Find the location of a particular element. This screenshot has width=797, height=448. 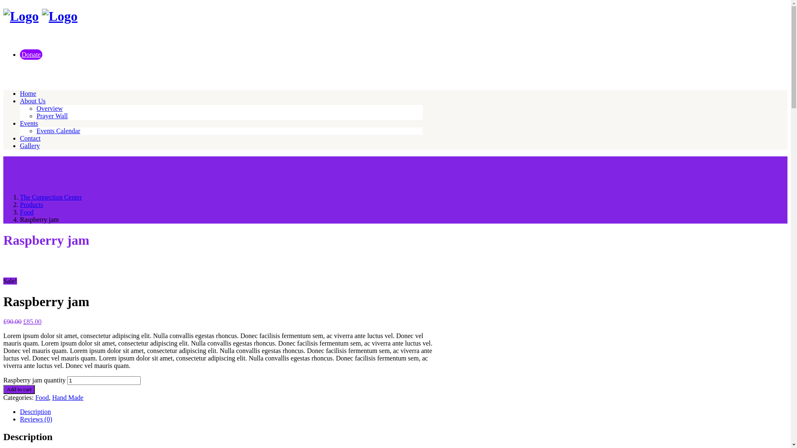

'Events' is located at coordinates (20, 123).